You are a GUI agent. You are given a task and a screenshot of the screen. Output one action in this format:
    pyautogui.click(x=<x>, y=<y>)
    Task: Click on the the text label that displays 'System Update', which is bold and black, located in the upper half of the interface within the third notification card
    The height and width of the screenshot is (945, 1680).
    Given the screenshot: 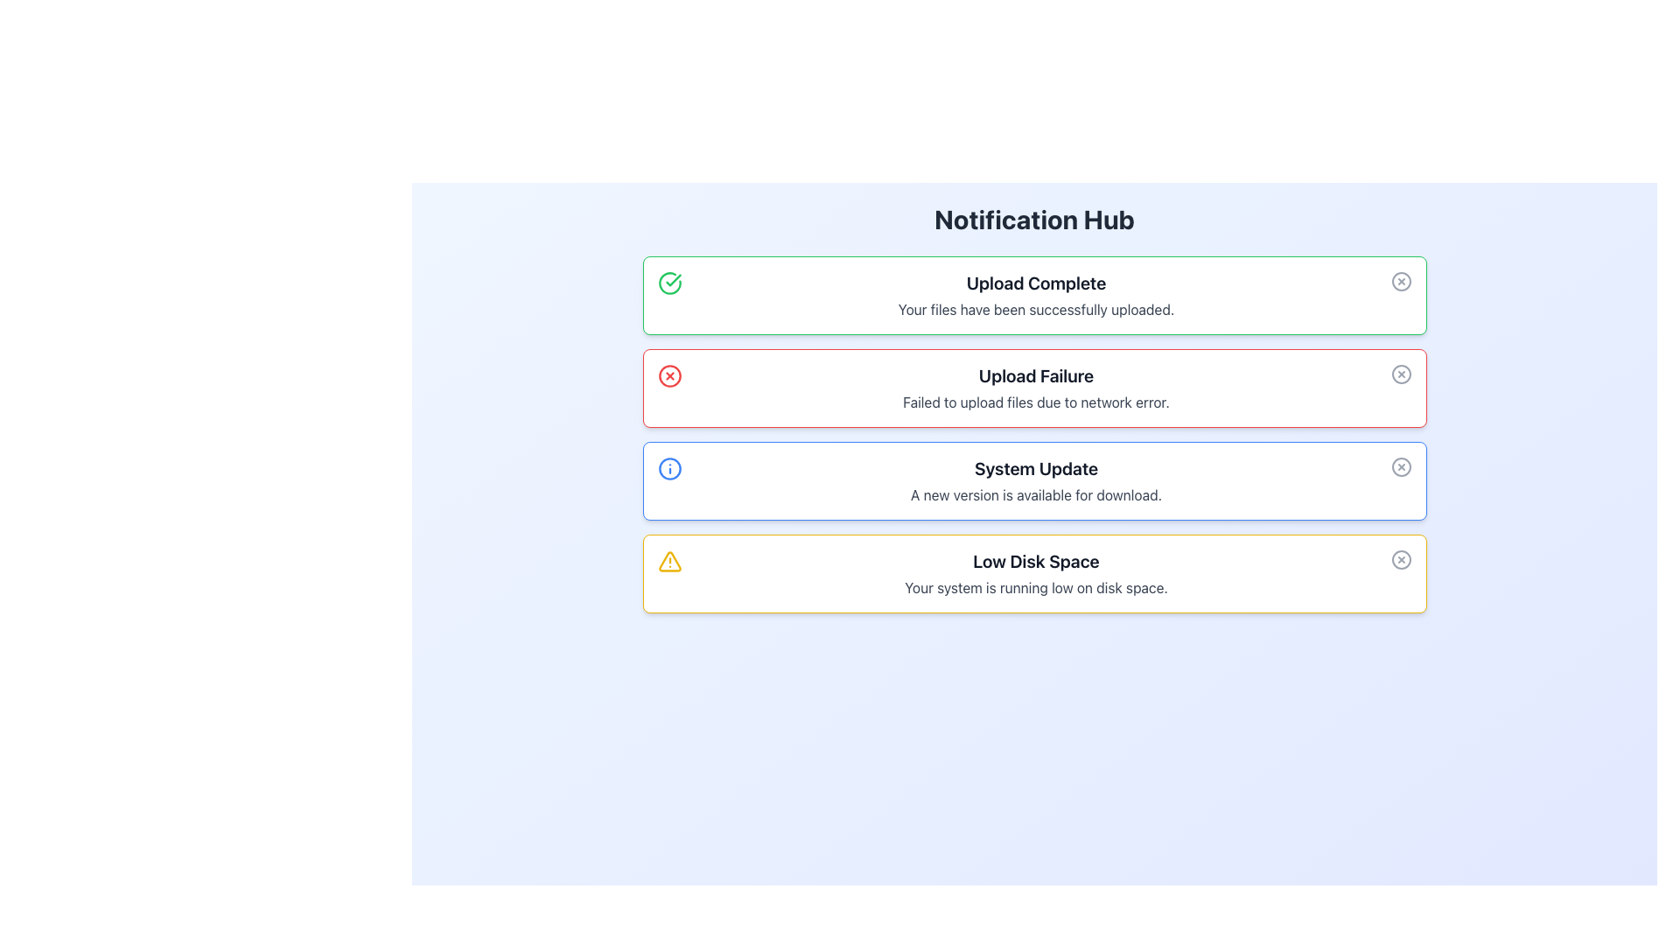 What is the action you would take?
    pyautogui.click(x=1036, y=468)
    